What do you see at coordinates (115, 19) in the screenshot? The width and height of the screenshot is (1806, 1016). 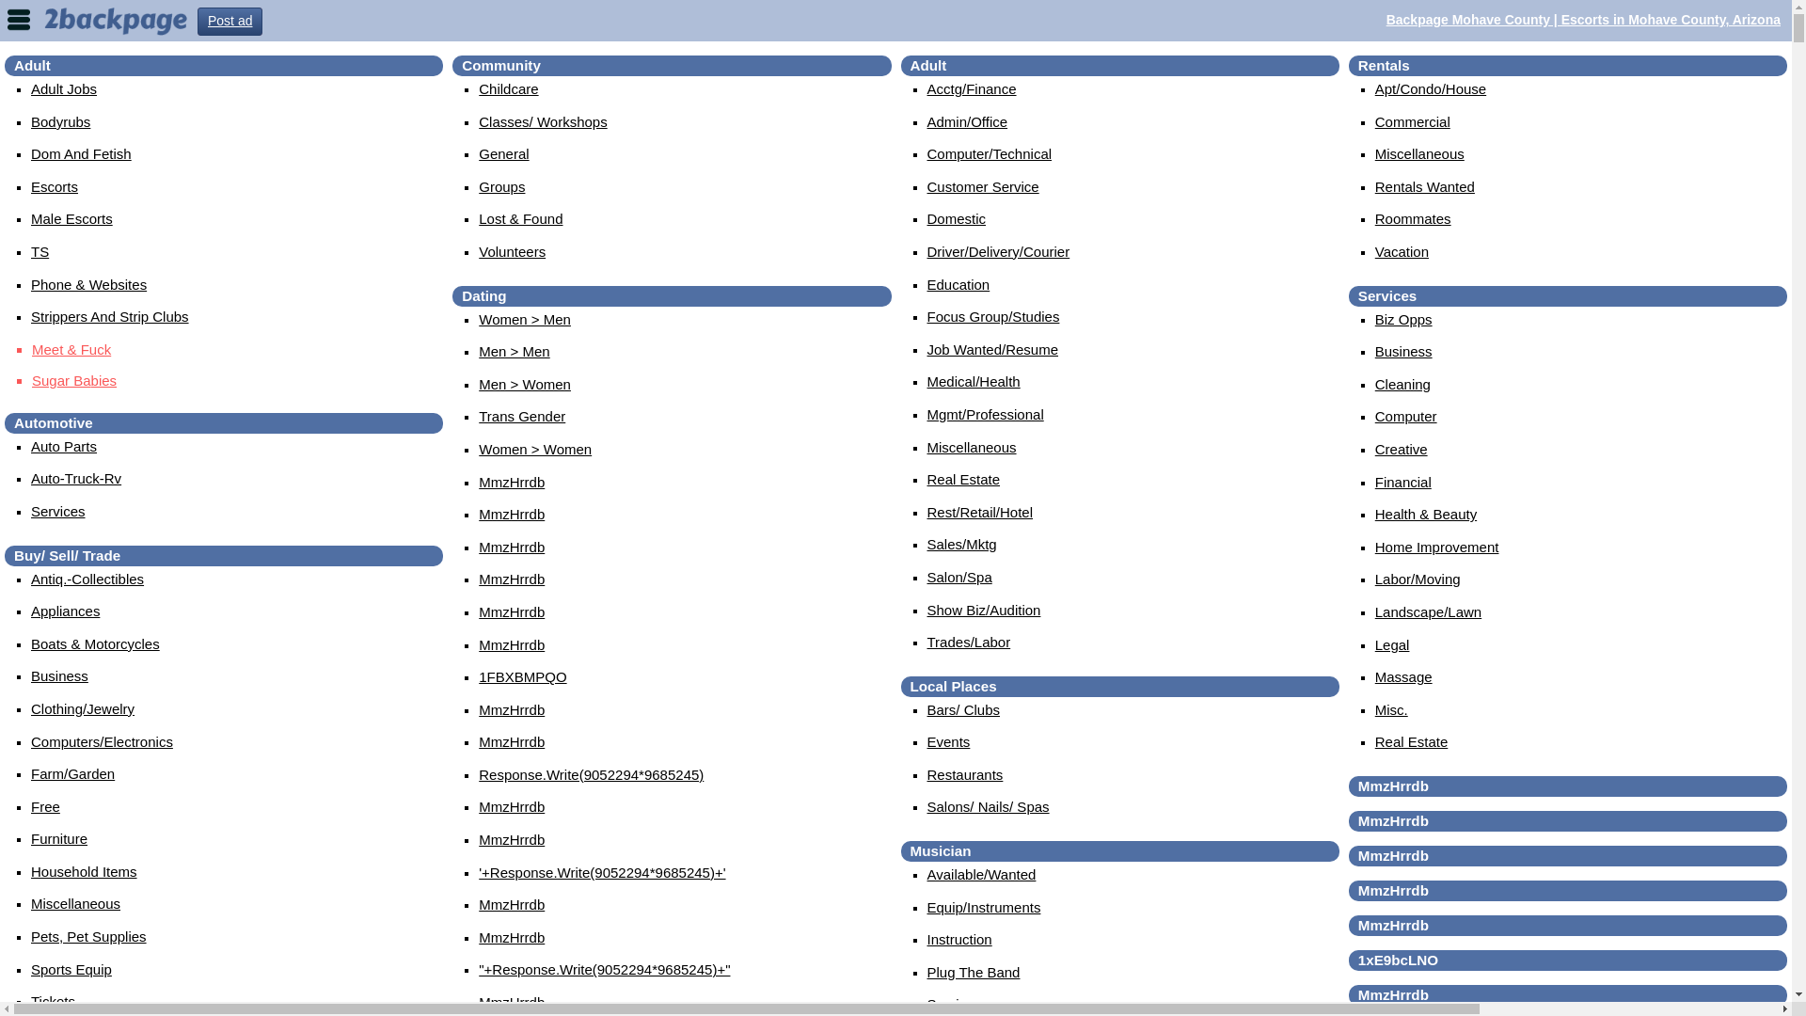 I see `'2backpage'` at bounding box center [115, 19].